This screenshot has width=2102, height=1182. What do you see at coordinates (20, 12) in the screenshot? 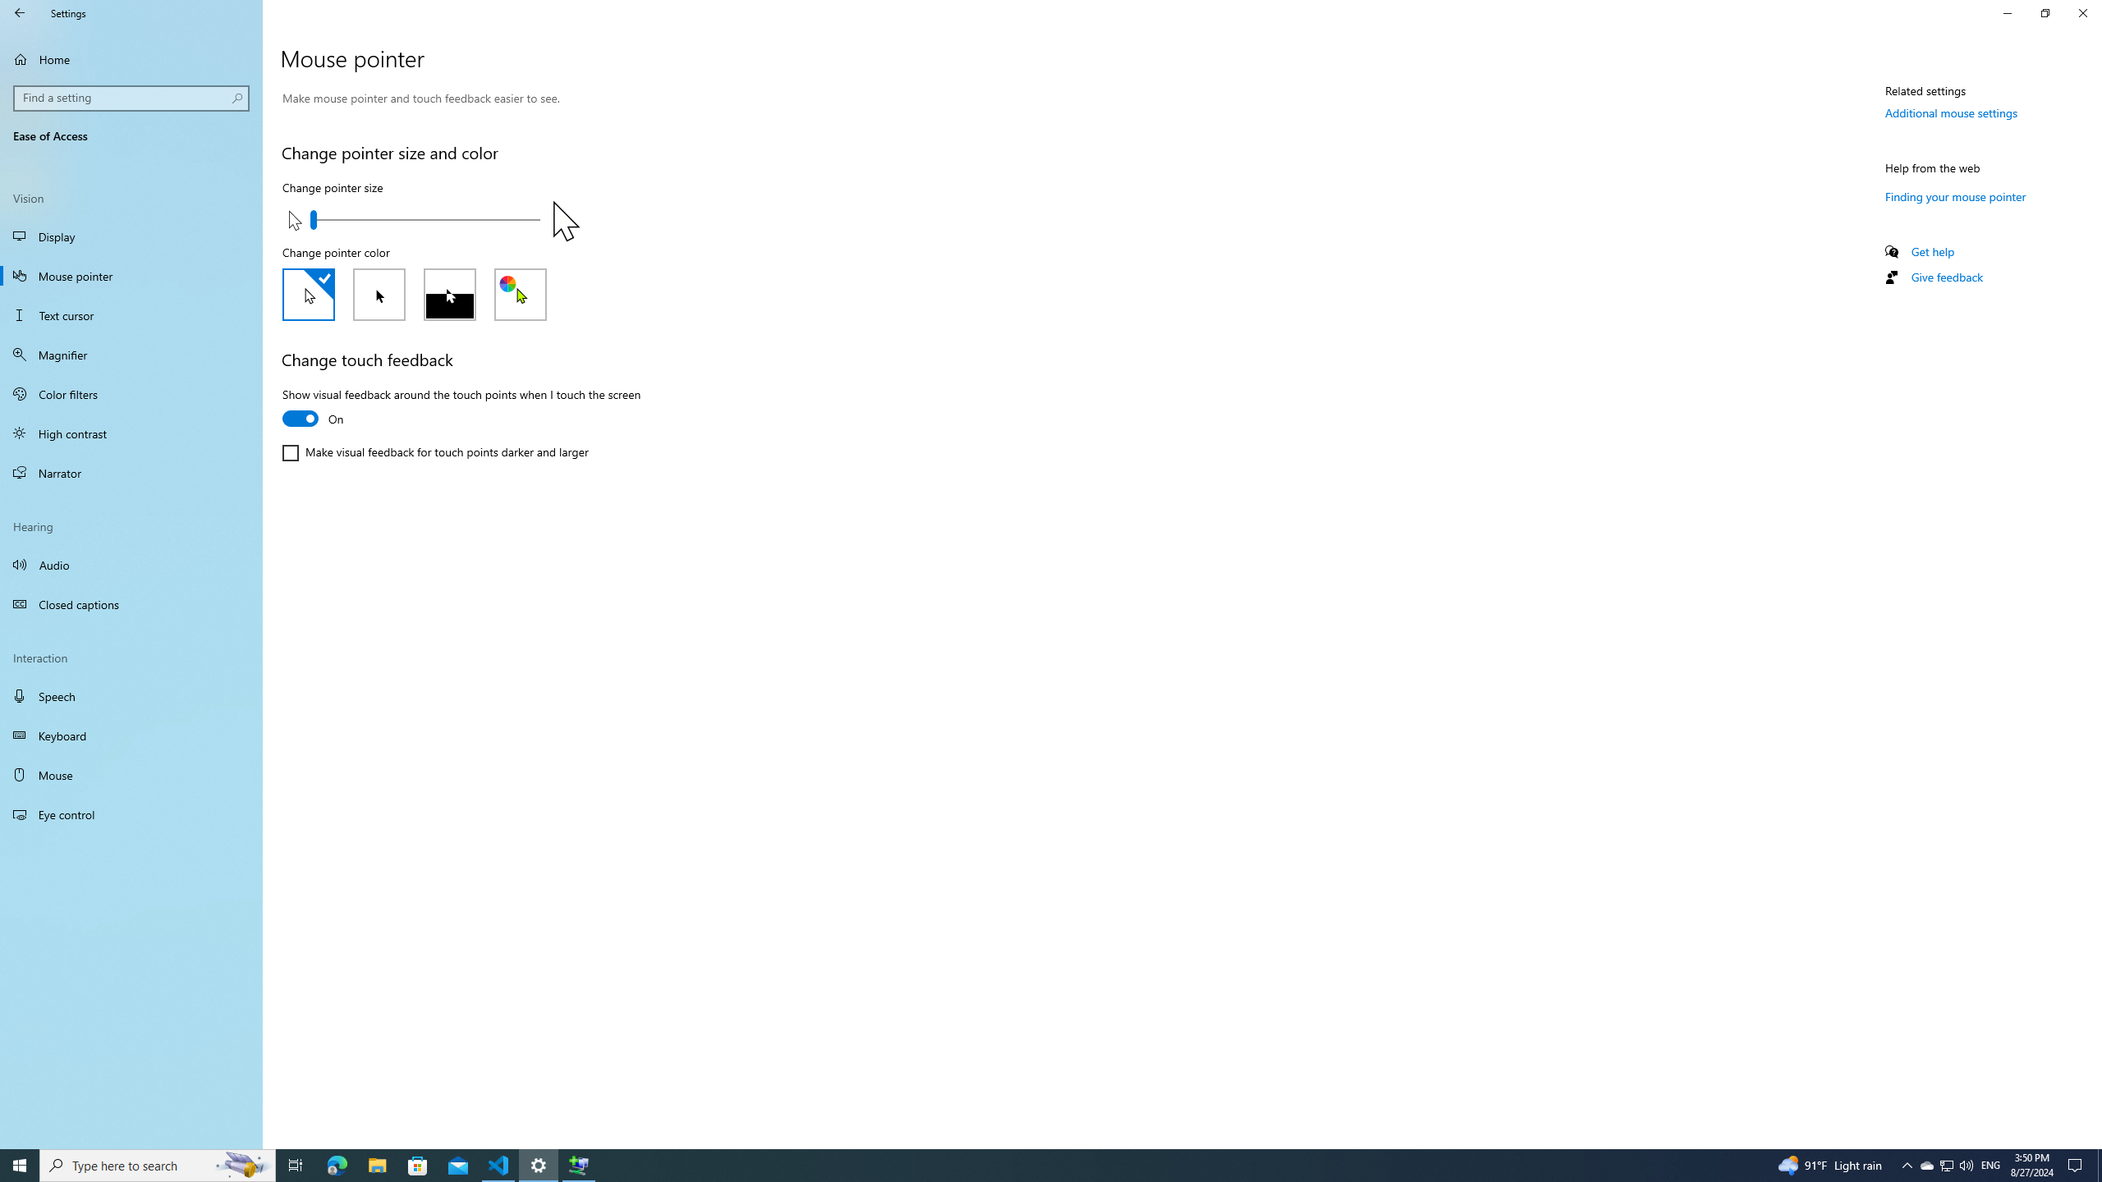
I see `'Back'` at bounding box center [20, 12].